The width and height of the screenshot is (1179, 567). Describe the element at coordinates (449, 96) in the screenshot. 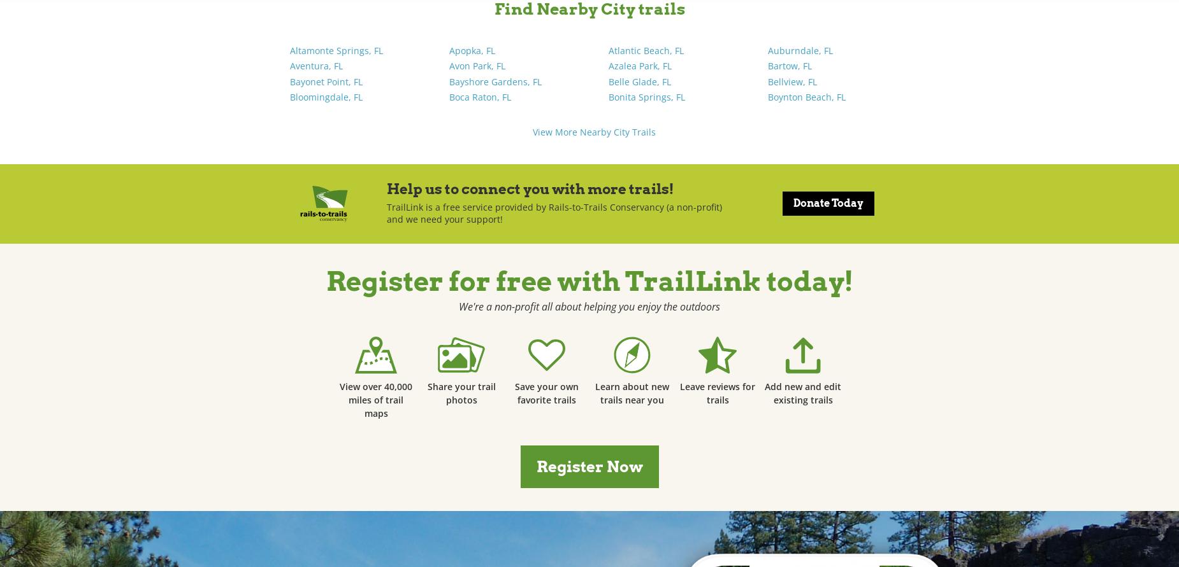

I see `'Boca Raton, FL'` at that location.